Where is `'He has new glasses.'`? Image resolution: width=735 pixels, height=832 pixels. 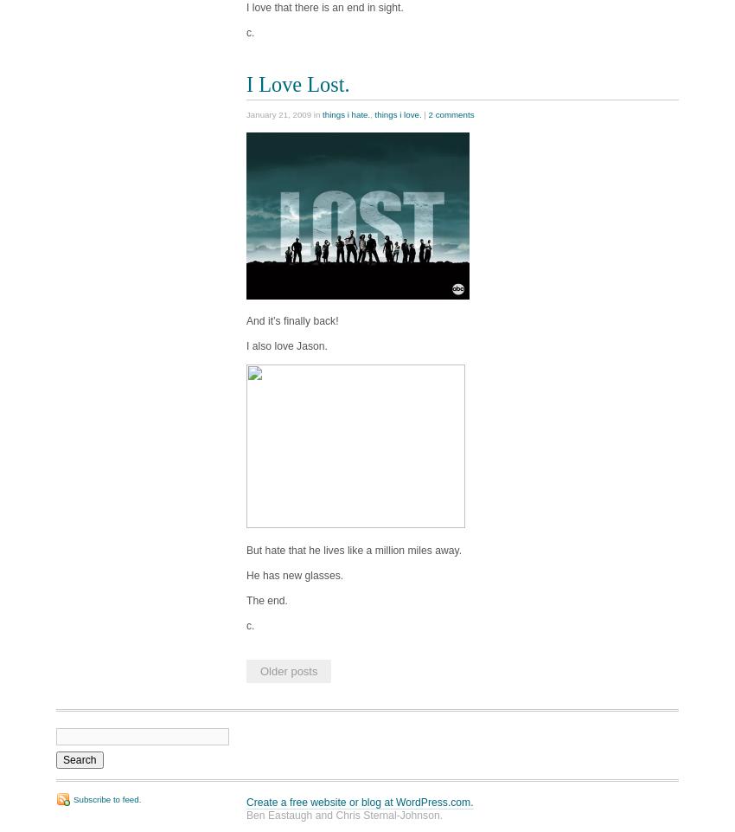
'He has new glasses.' is located at coordinates (294, 573).